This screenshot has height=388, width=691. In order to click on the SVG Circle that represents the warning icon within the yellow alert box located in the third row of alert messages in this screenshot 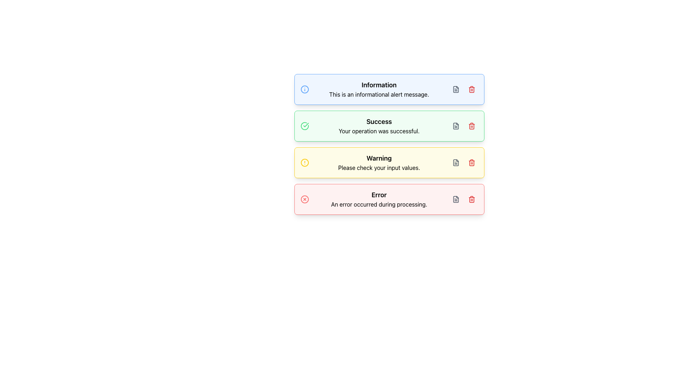, I will do `click(304, 162)`.